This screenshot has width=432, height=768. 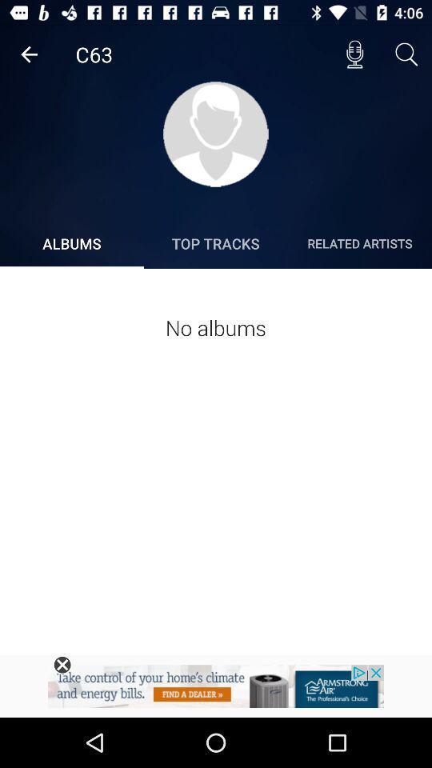 I want to click on the x symbol which is left side bottom of the page, so click(x=61, y=664).